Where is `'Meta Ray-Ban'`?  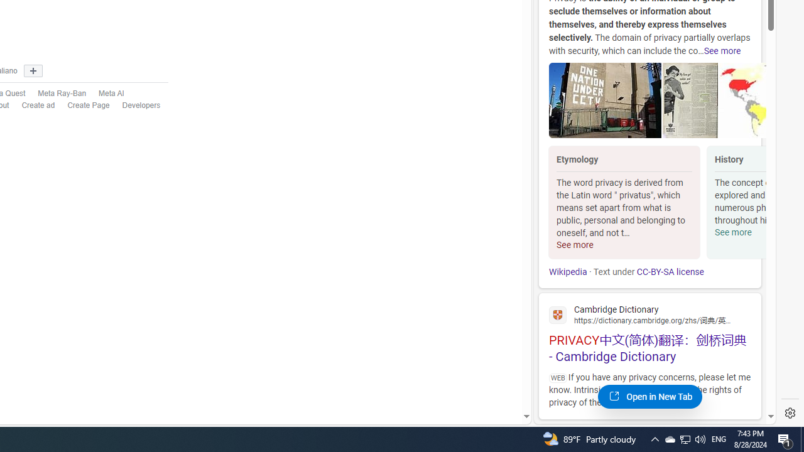
'Meta Ray-Ban' is located at coordinates (55, 93).